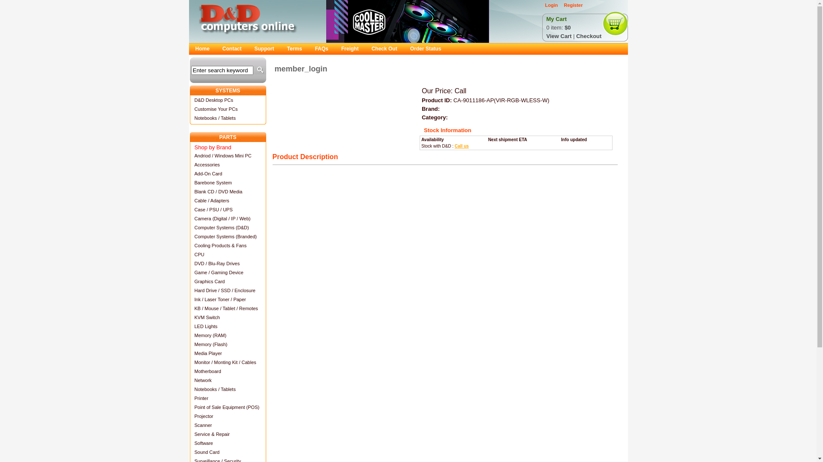 This screenshot has height=462, width=823. I want to click on 'Camera (Digital / IP / Web)', so click(228, 218).